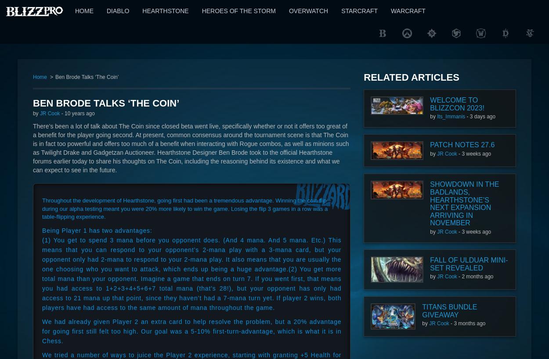 This screenshot has height=359, width=549. I want to click on 'Fall of Ulduar Mini-Set Revealed', so click(468, 263).